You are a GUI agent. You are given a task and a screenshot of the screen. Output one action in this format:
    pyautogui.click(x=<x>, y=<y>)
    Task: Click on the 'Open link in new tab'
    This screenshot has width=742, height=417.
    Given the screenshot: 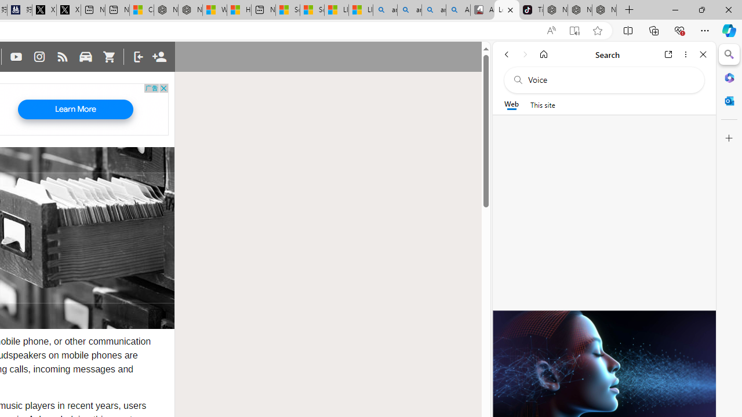 What is the action you would take?
    pyautogui.click(x=668, y=54)
    